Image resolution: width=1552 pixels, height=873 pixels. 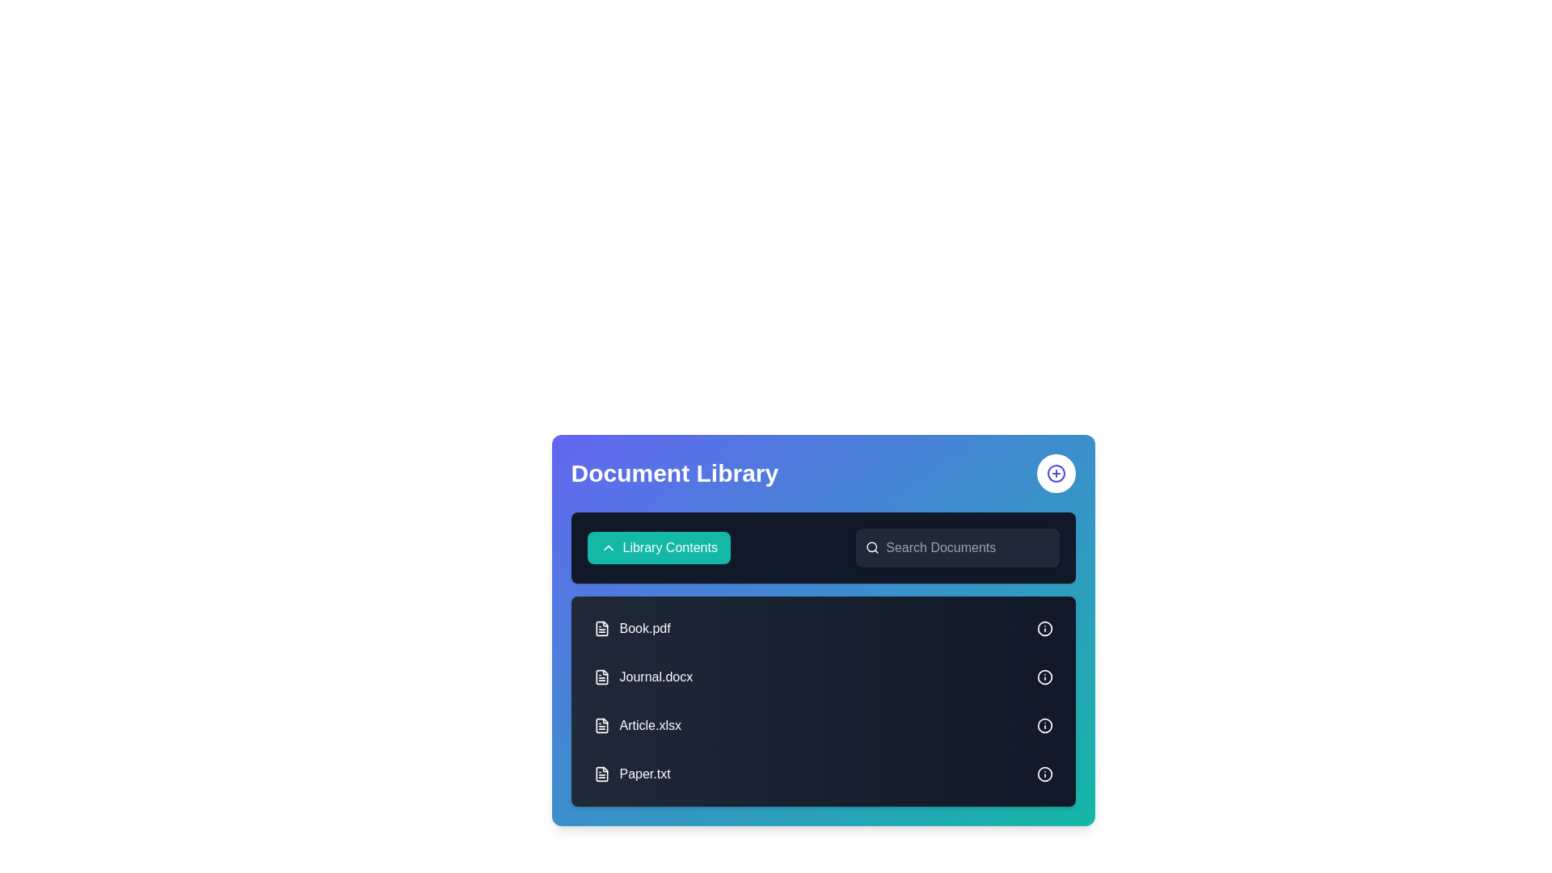 I want to click on the 'Document Library' text label, which is a prominent header in large bold white font against a gradient blue background, so click(x=674, y=473).